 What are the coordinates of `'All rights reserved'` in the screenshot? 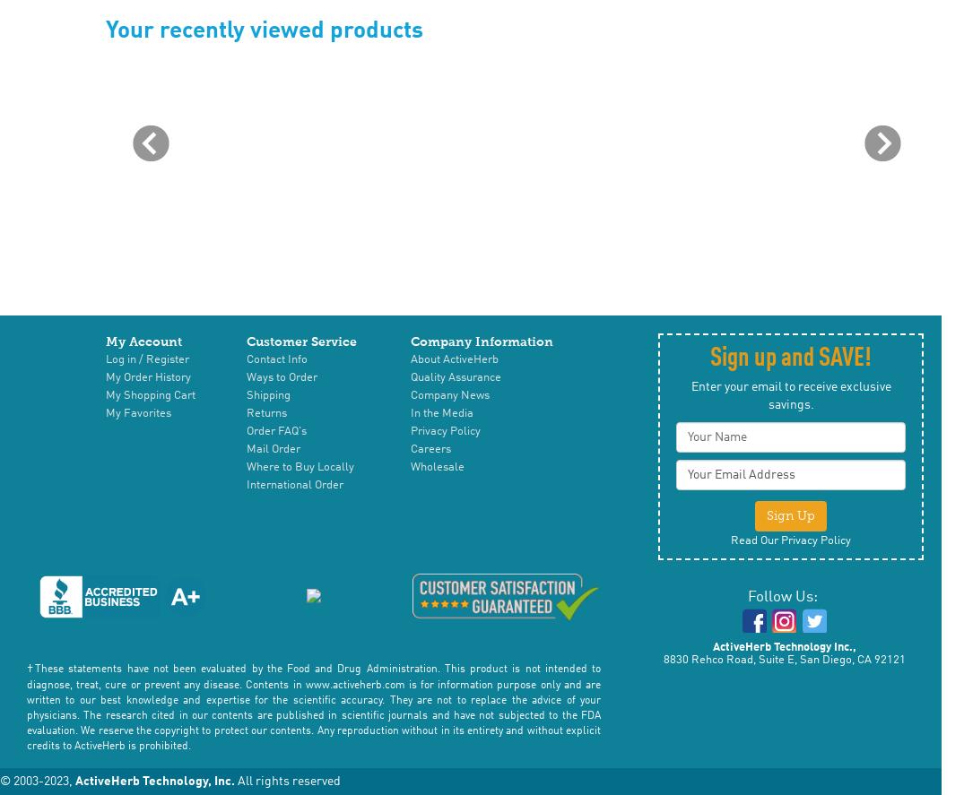 It's located at (237, 781).